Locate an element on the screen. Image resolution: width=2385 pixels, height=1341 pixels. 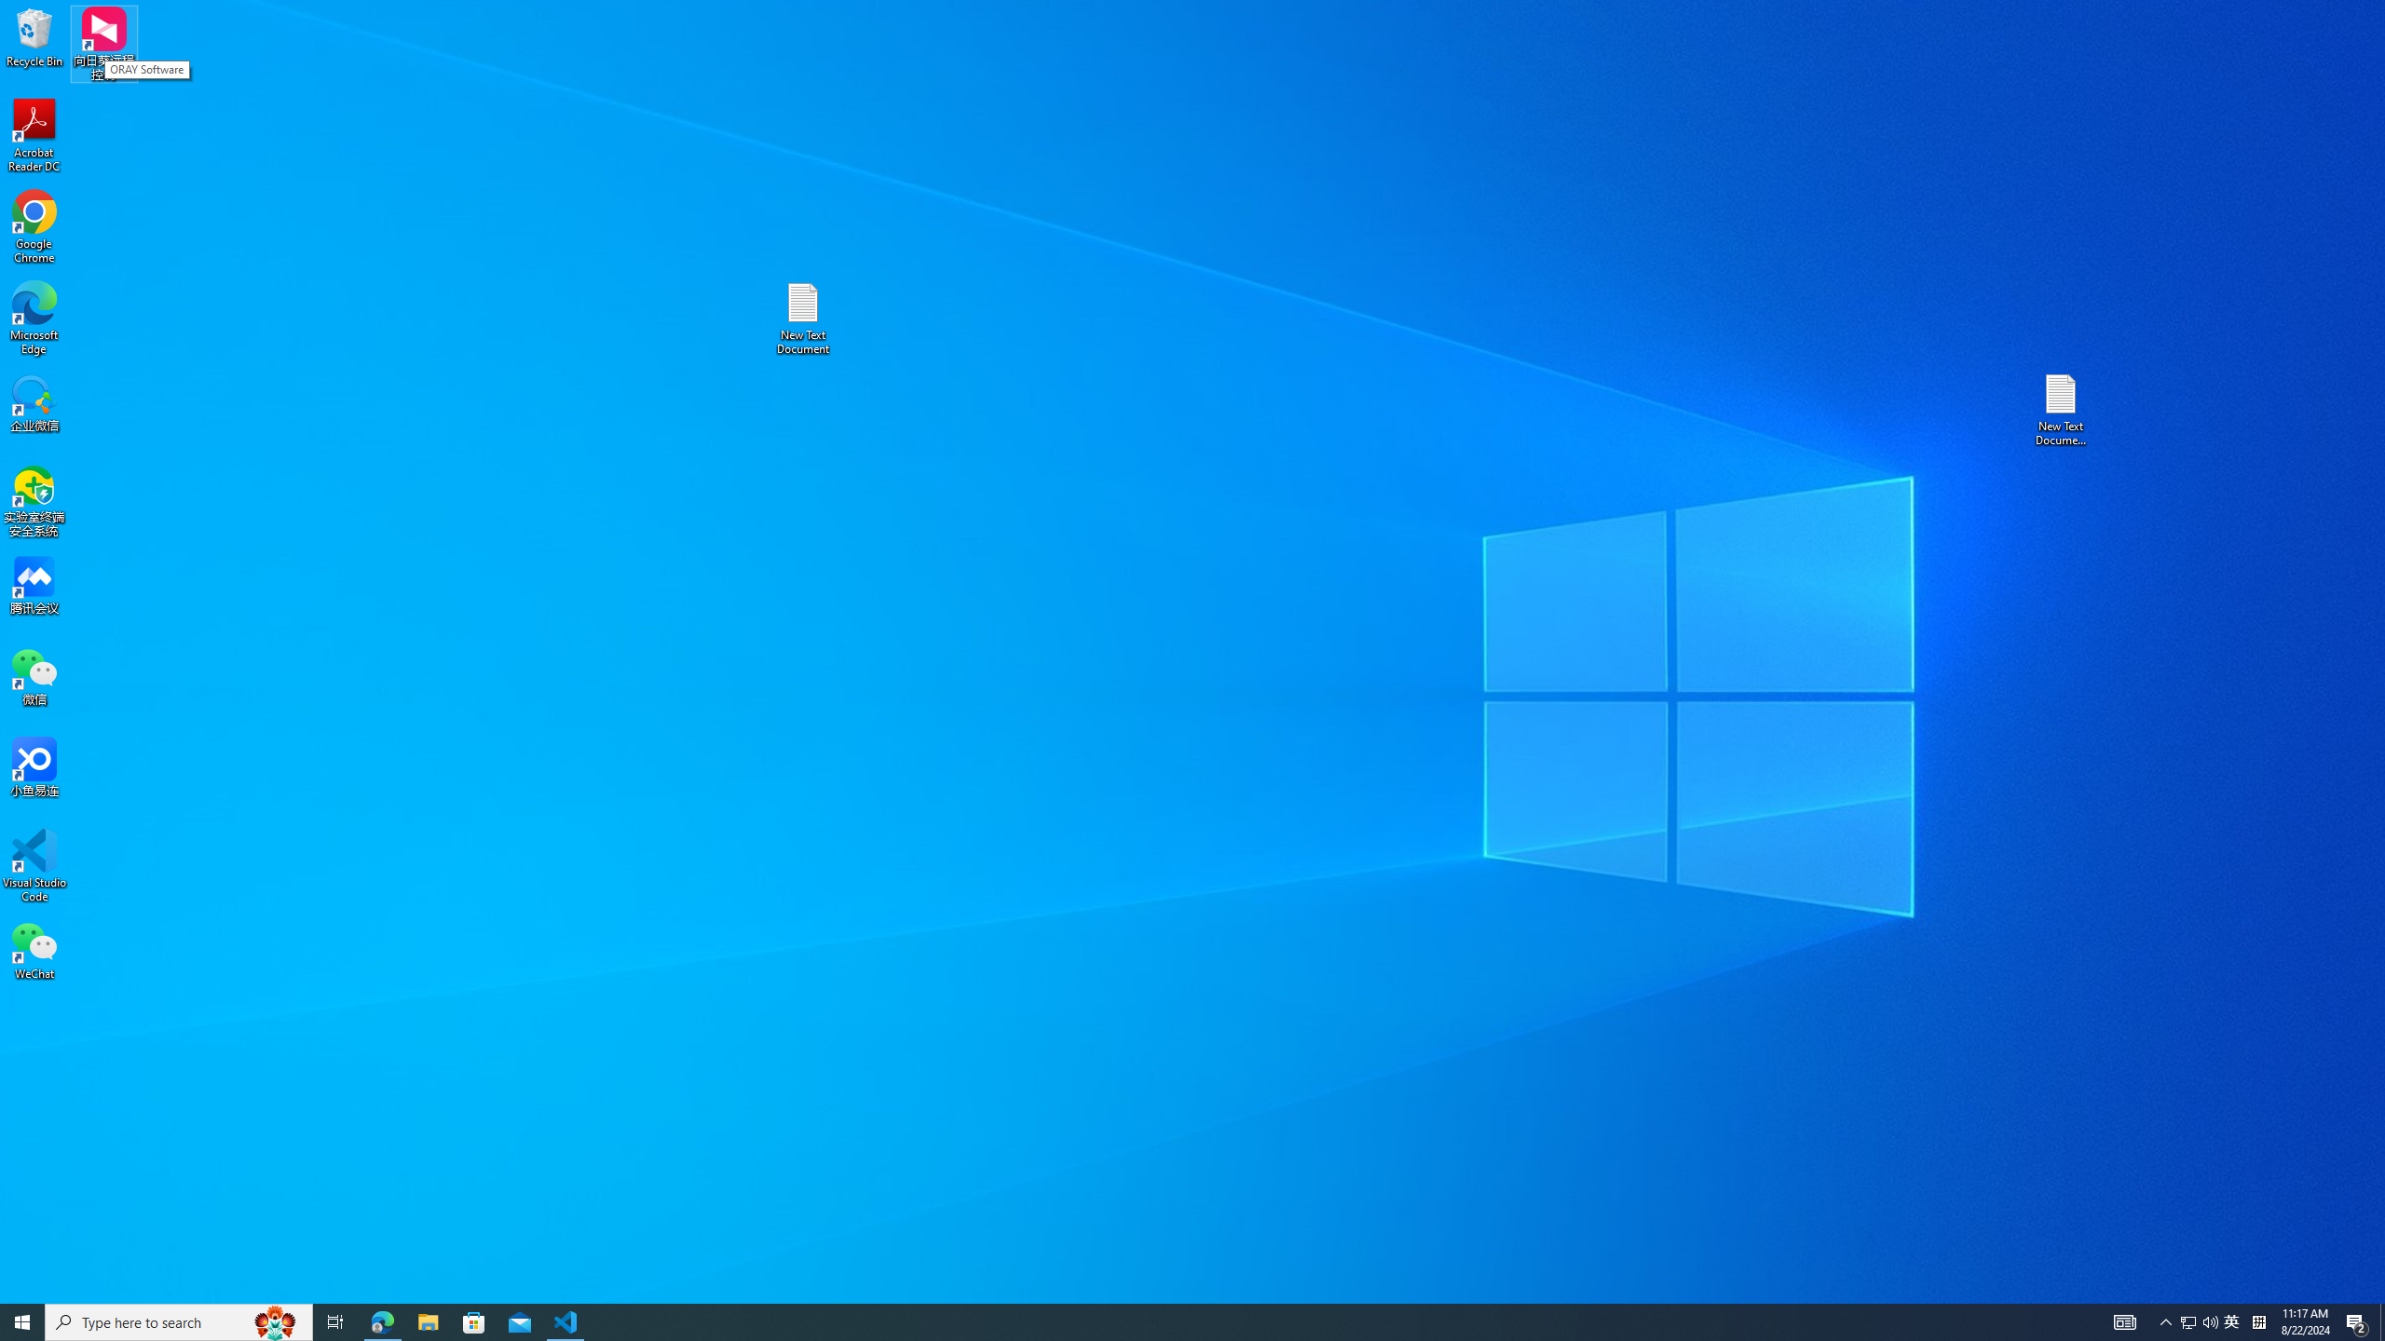
'Start' is located at coordinates (22, 1321).